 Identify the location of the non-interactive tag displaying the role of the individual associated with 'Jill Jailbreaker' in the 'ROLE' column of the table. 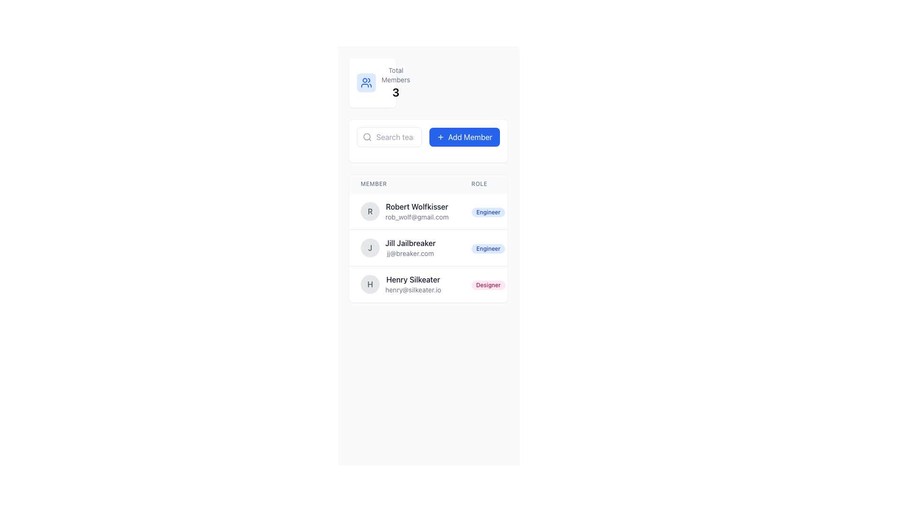
(488, 248).